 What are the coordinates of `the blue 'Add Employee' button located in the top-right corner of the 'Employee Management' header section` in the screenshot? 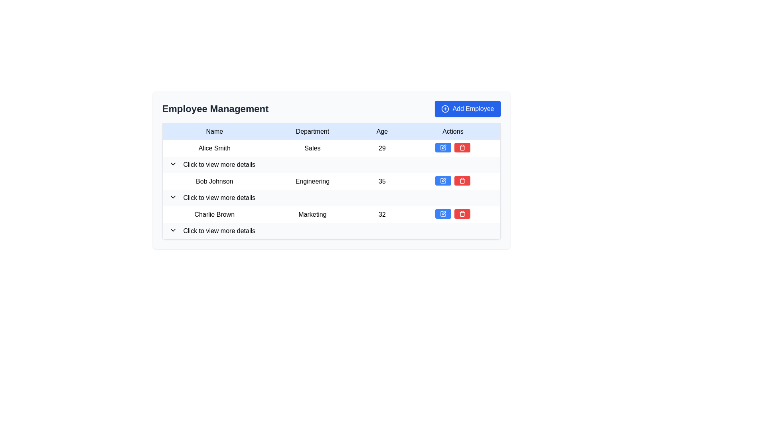 It's located at (468, 109).